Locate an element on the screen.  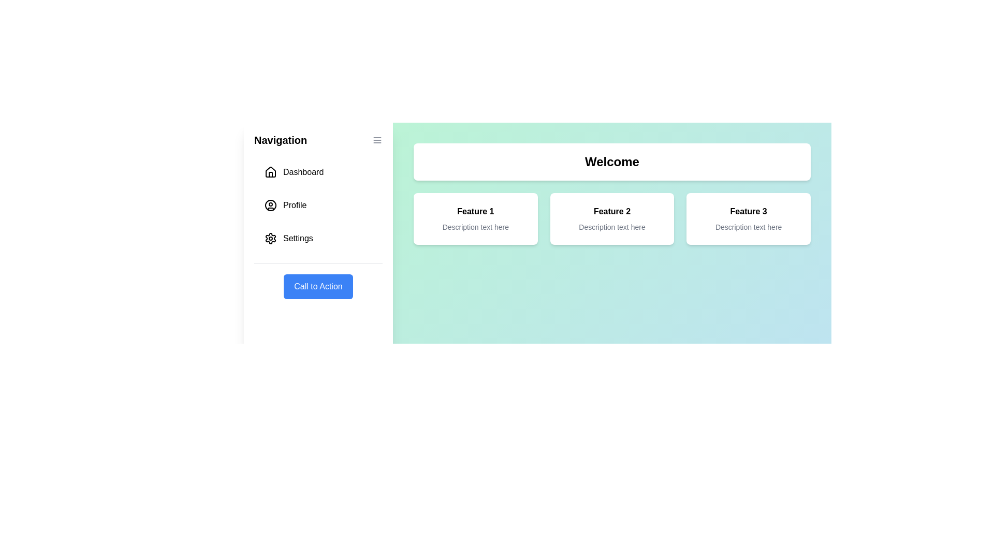
the navigation item Dashboard in the drawer is located at coordinates (317, 171).